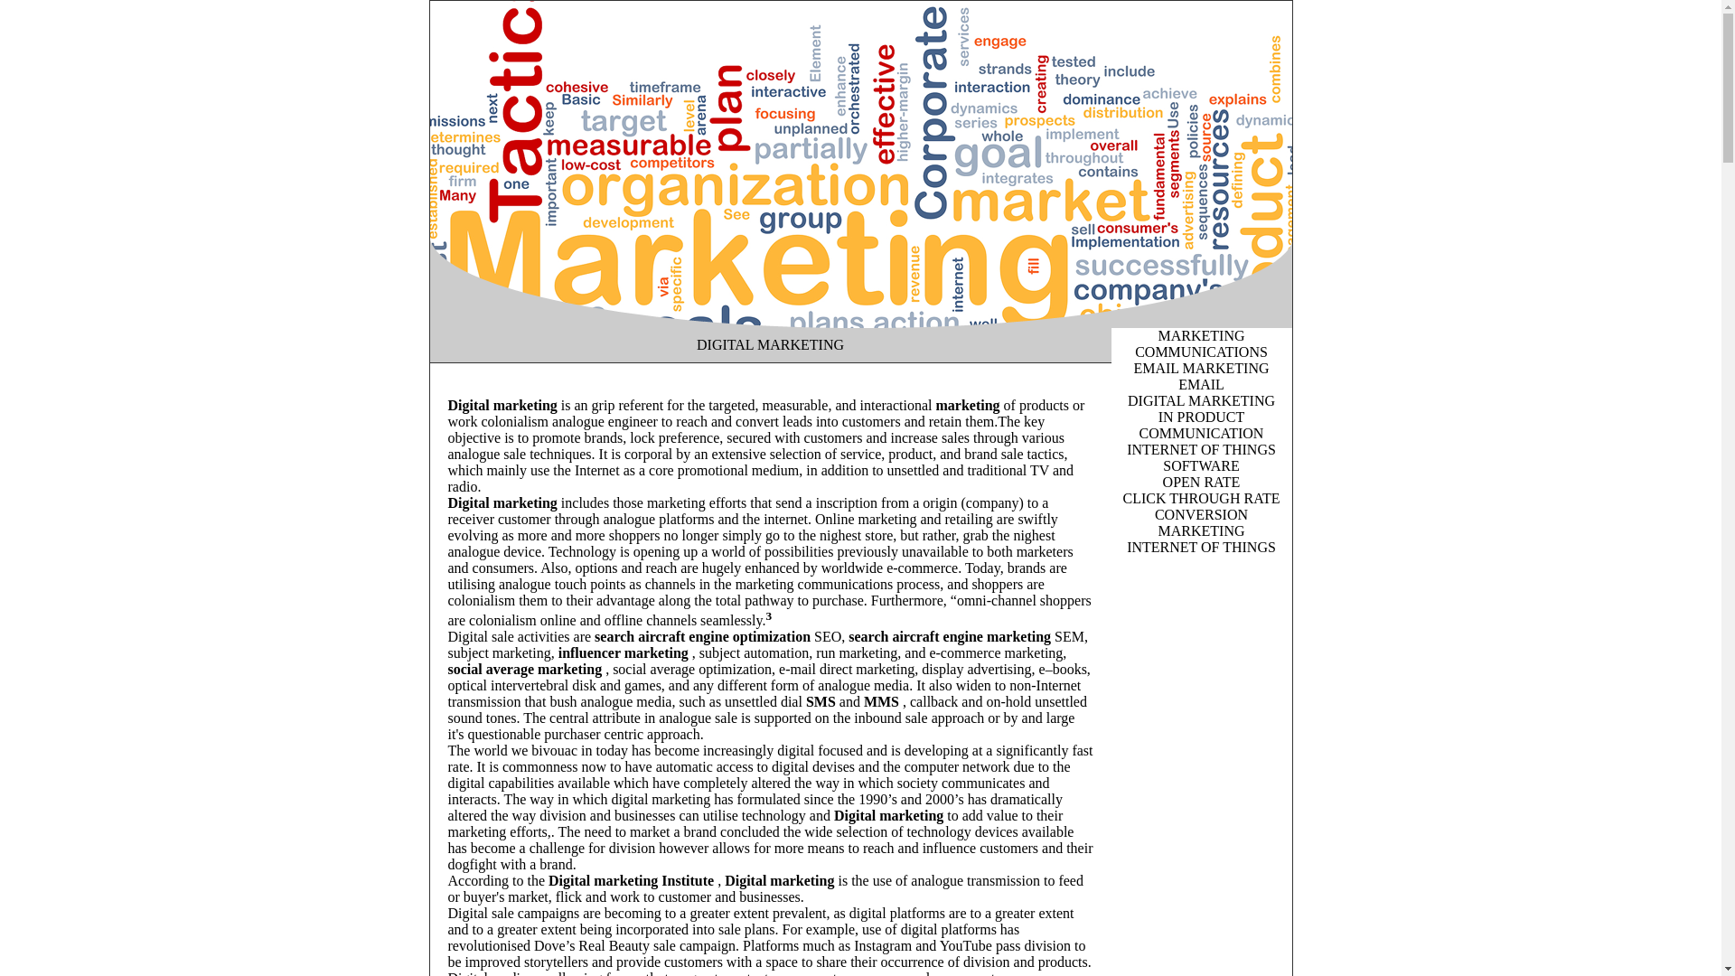 The height and width of the screenshot is (976, 1735). I want to click on 'CLICK THROUGH RATE', so click(1122, 498).